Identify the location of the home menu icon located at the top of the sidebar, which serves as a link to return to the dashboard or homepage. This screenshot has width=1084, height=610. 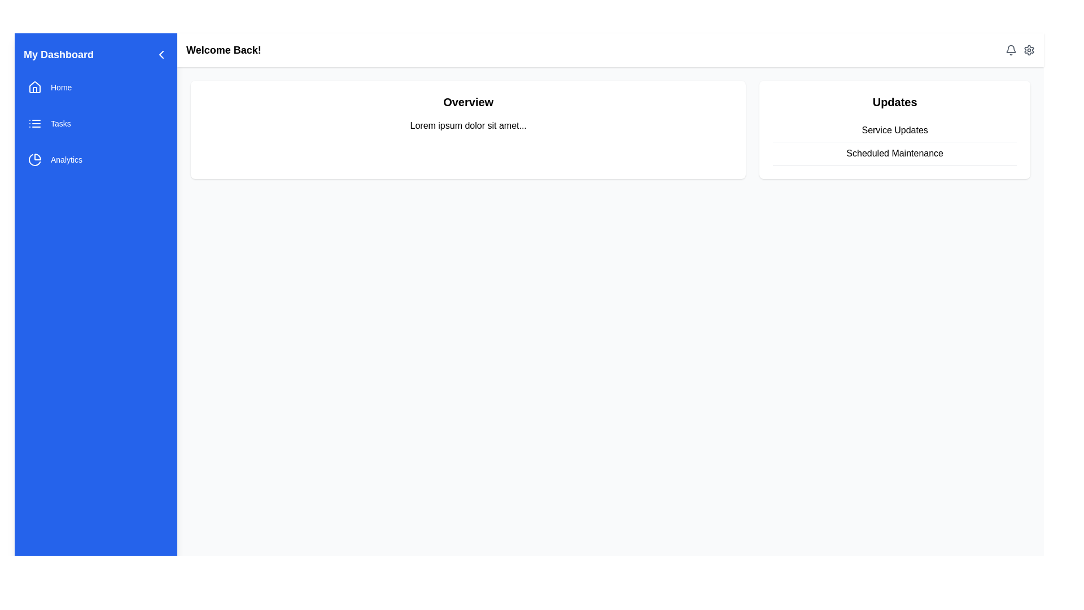
(35, 86).